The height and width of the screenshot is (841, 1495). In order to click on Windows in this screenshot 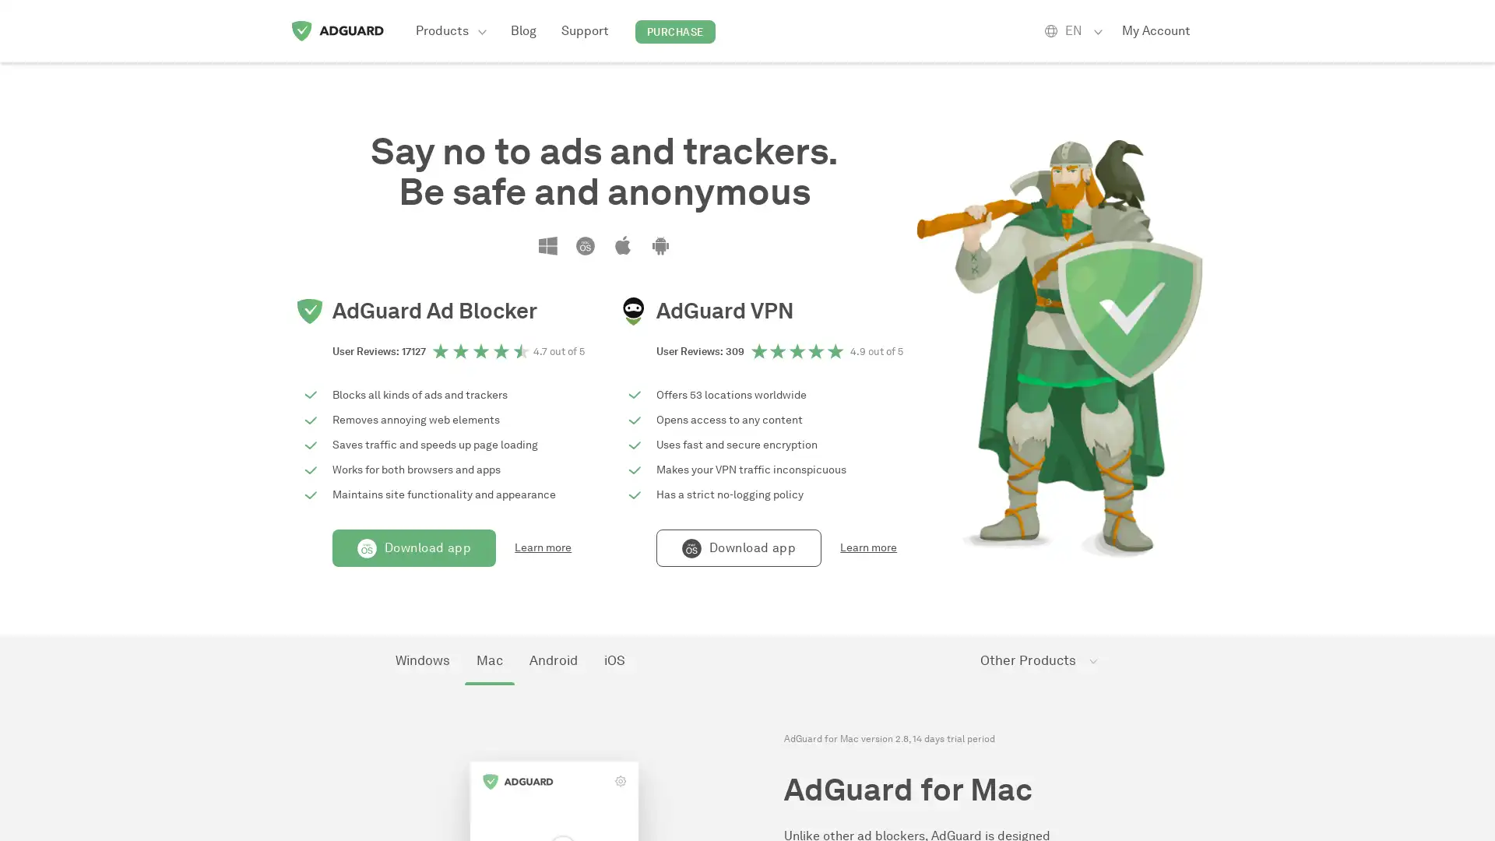, I will do `click(422, 660)`.